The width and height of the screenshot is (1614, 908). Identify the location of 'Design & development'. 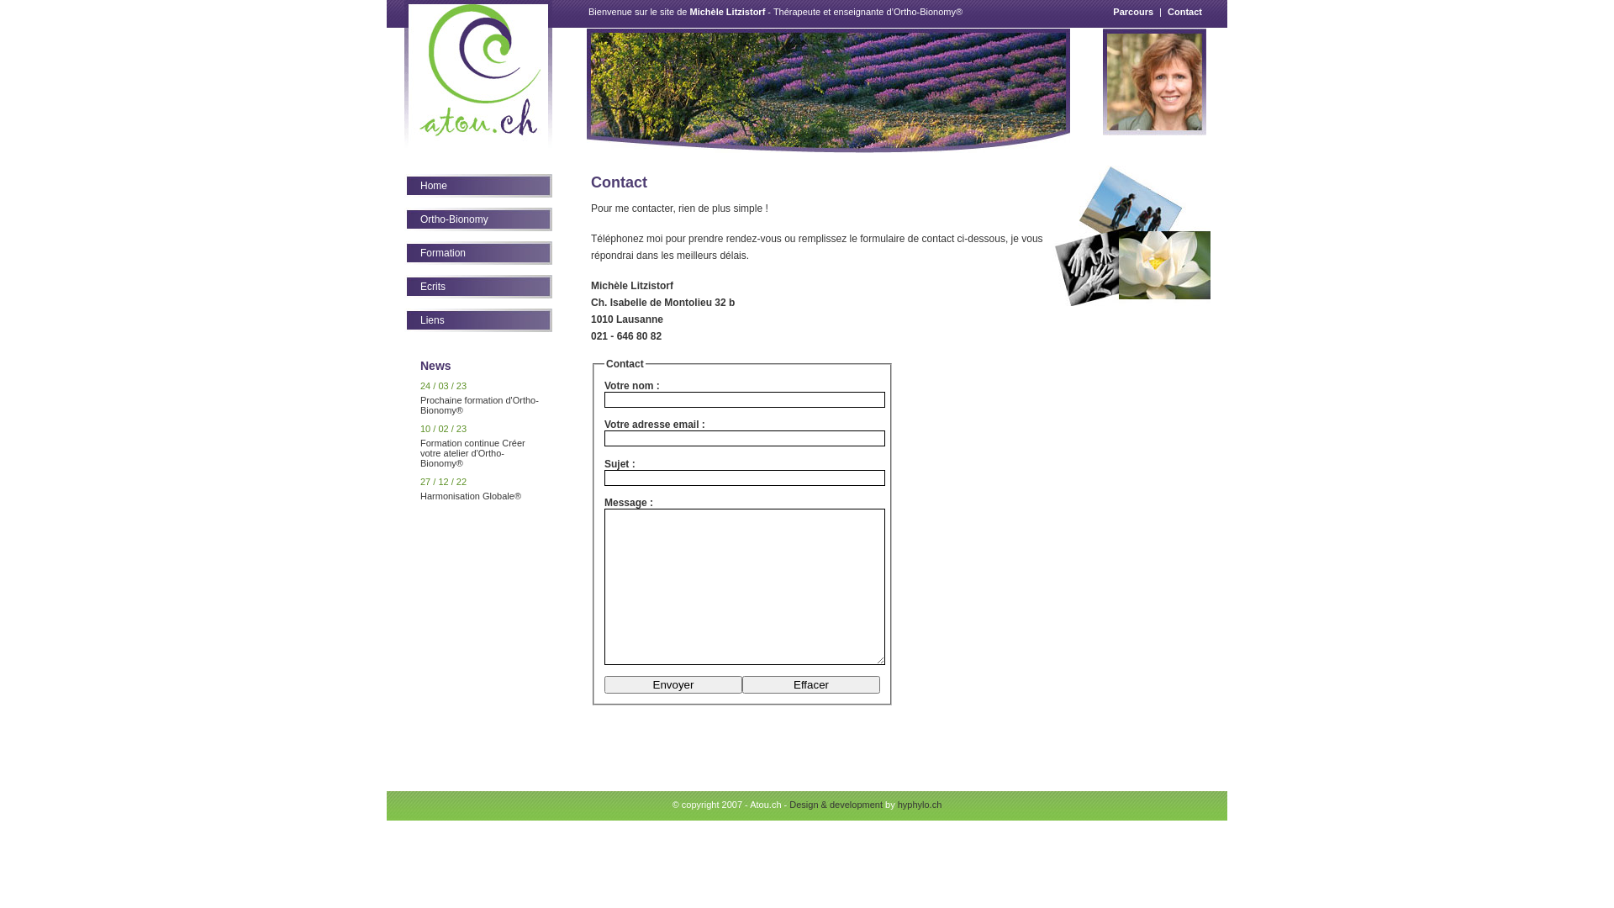
(836, 803).